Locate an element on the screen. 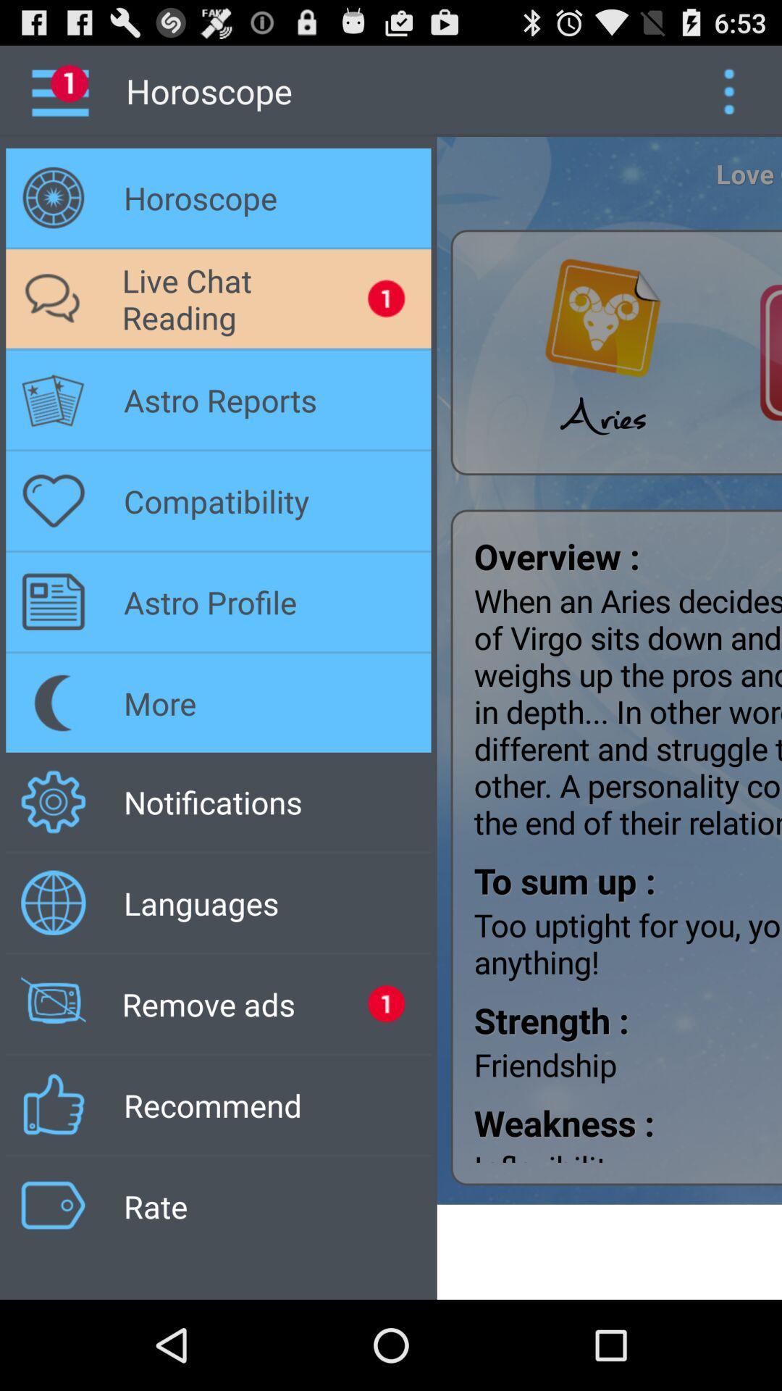 The width and height of the screenshot is (782, 1391). tap button for more information is located at coordinates (728, 90).